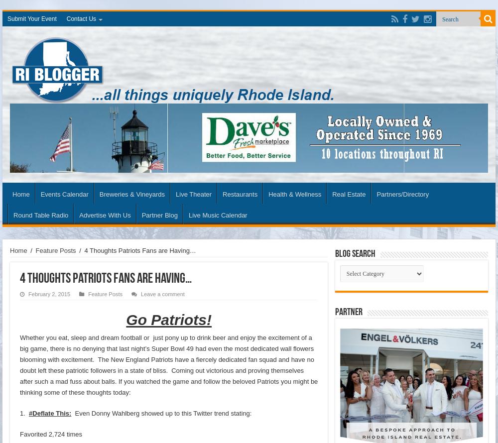  I want to click on 'Even Donny Wahlberg showed up to this Twitter trend stating:', so click(161, 412).